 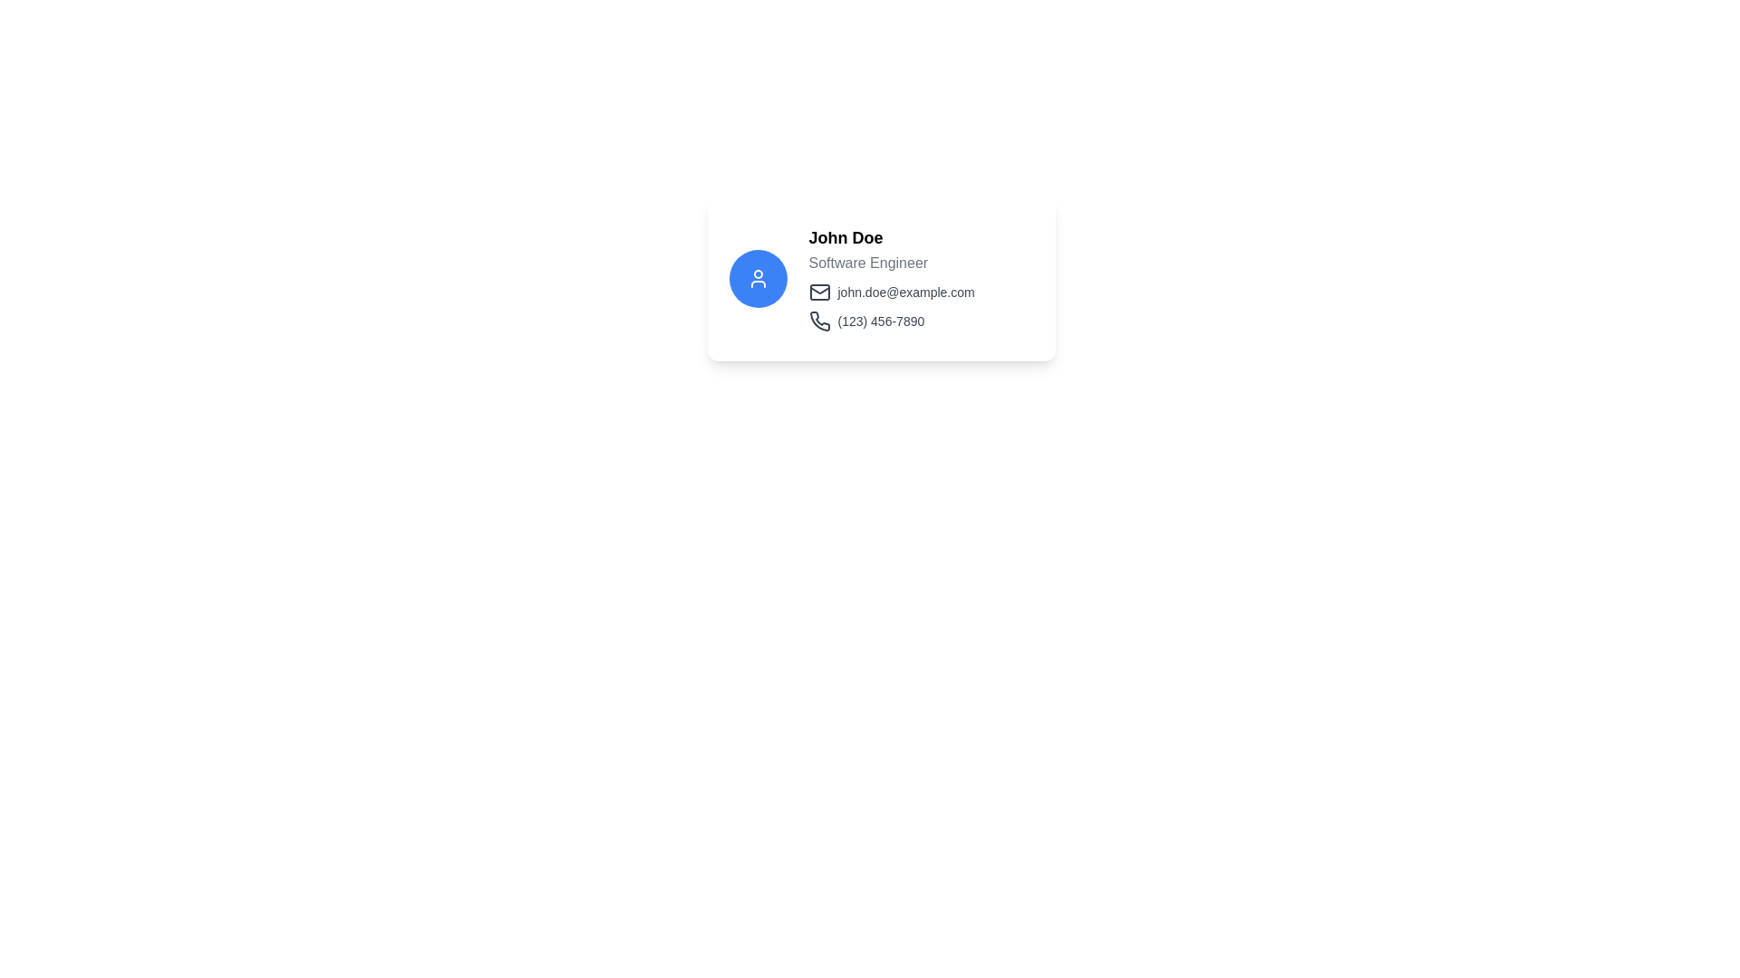 What do you see at coordinates (818, 320) in the screenshot?
I see `the dark-themed phone receiver icon located at the bottom-right section of the white information card, which is positioned directly to the left of the phone number '(123) 456-7890'` at bounding box center [818, 320].